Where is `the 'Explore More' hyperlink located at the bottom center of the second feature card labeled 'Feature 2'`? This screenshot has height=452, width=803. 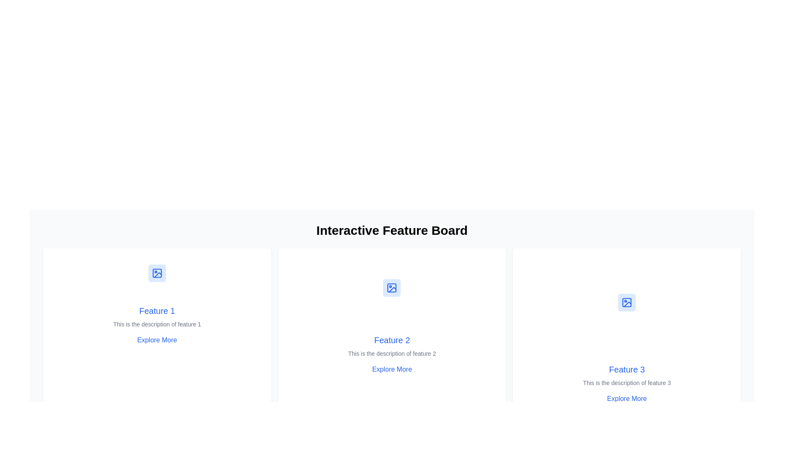 the 'Explore More' hyperlink located at the bottom center of the second feature card labeled 'Feature 2' is located at coordinates (391, 369).